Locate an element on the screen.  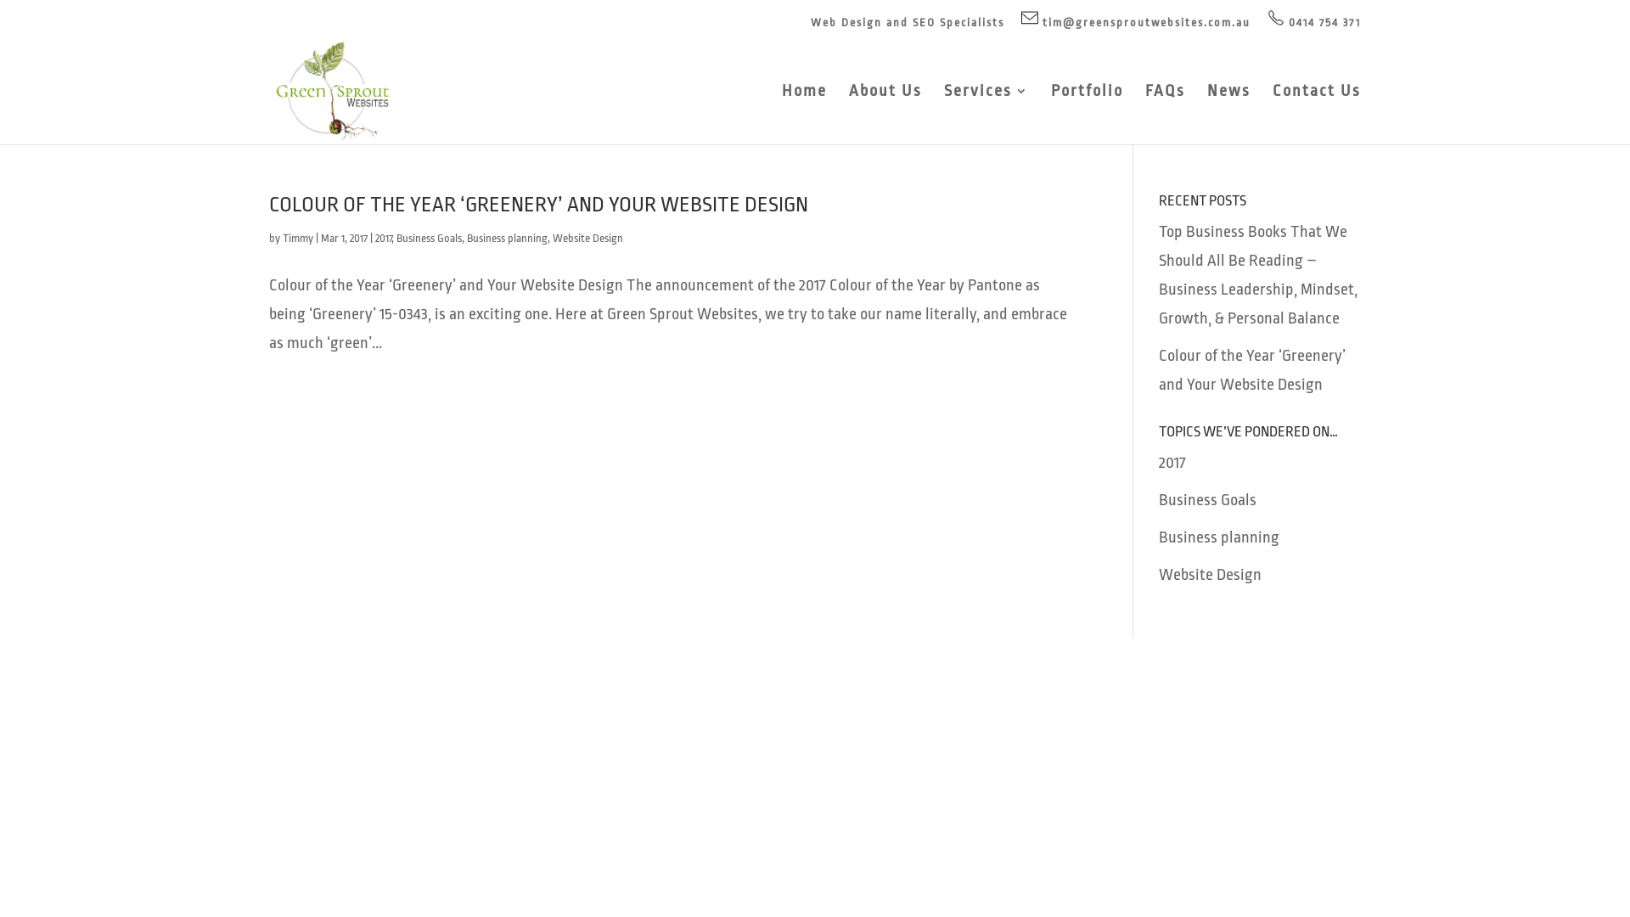
'Web Design and SEO Specialists' is located at coordinates (907, 27).